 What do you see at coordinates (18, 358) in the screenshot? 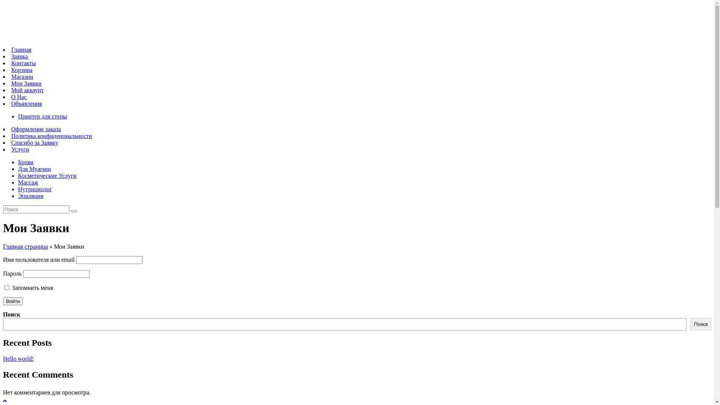
I see `'Hello world!'` at bounding box center [18, 358].